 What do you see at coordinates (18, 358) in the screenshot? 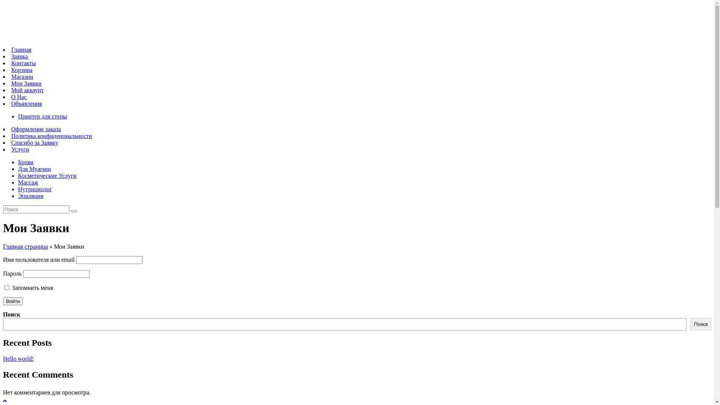
I see `'Hello world!'` at bounding box center [18, 358].